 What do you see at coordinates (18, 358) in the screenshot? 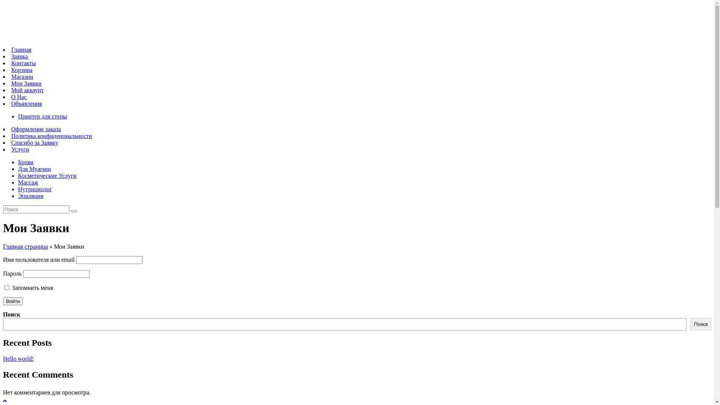
I see `'Hello world!'` at bounding box center [18, 358].